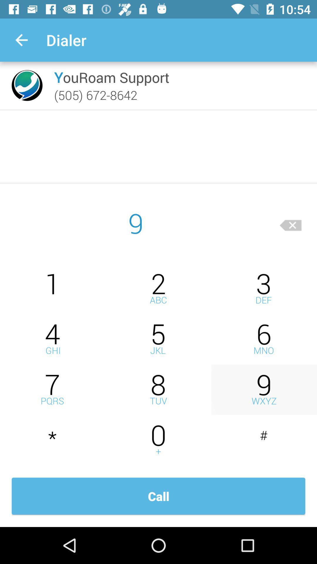 The height and width of the screenshot is (564, 317). Describe the element at coordinates (264, 440) in the screenshot. I see `shows the number option` at that location.